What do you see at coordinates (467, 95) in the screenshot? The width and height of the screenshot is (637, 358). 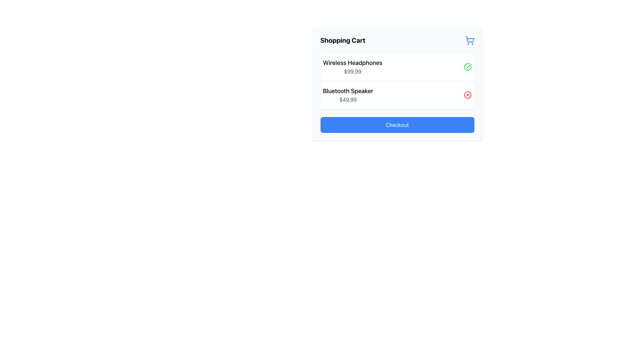 I see `the removal button for the 'Bluetooth Speaker' item located on the far right of its row in the shopping cart interface` at bounding box center [467, 95].